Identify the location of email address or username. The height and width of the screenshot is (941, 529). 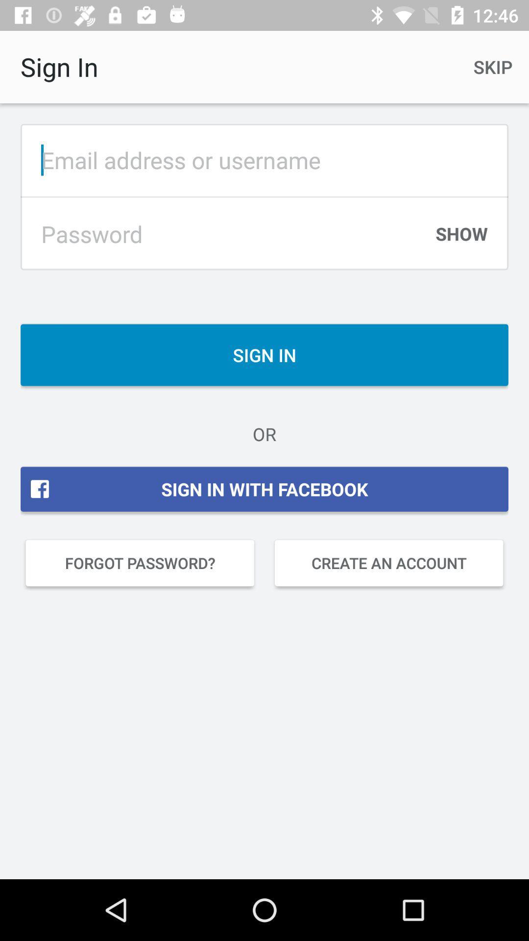
(264, 160).